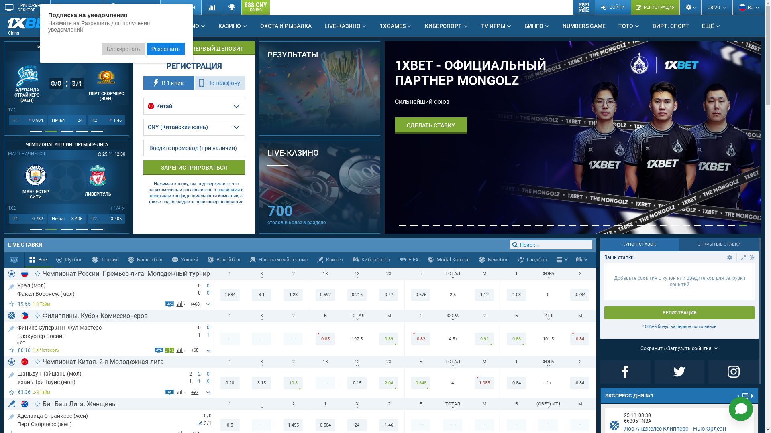  Describe the element at coordinates (38, 26) in the screenshot. I see `'China'` at that location.